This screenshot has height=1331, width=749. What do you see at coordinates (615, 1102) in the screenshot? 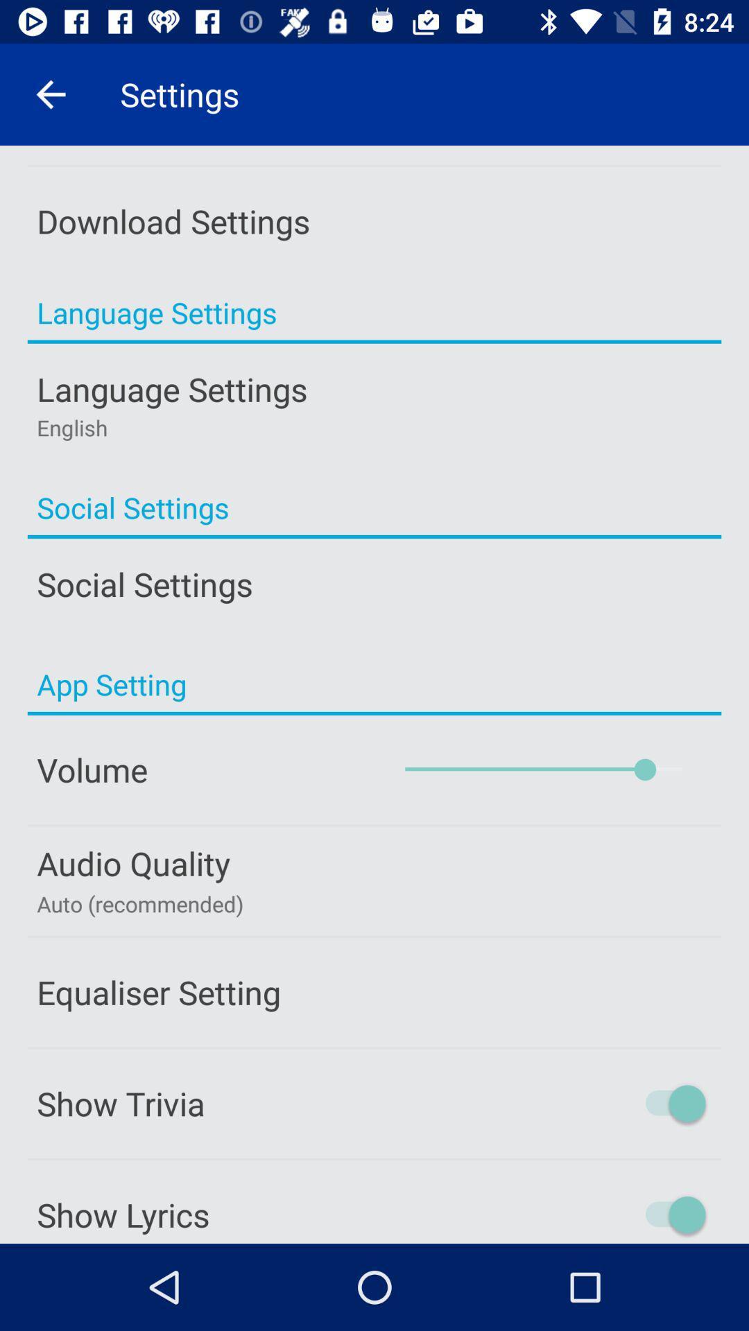
I see `item next to show trivia` at bounding box center [615, 1102].